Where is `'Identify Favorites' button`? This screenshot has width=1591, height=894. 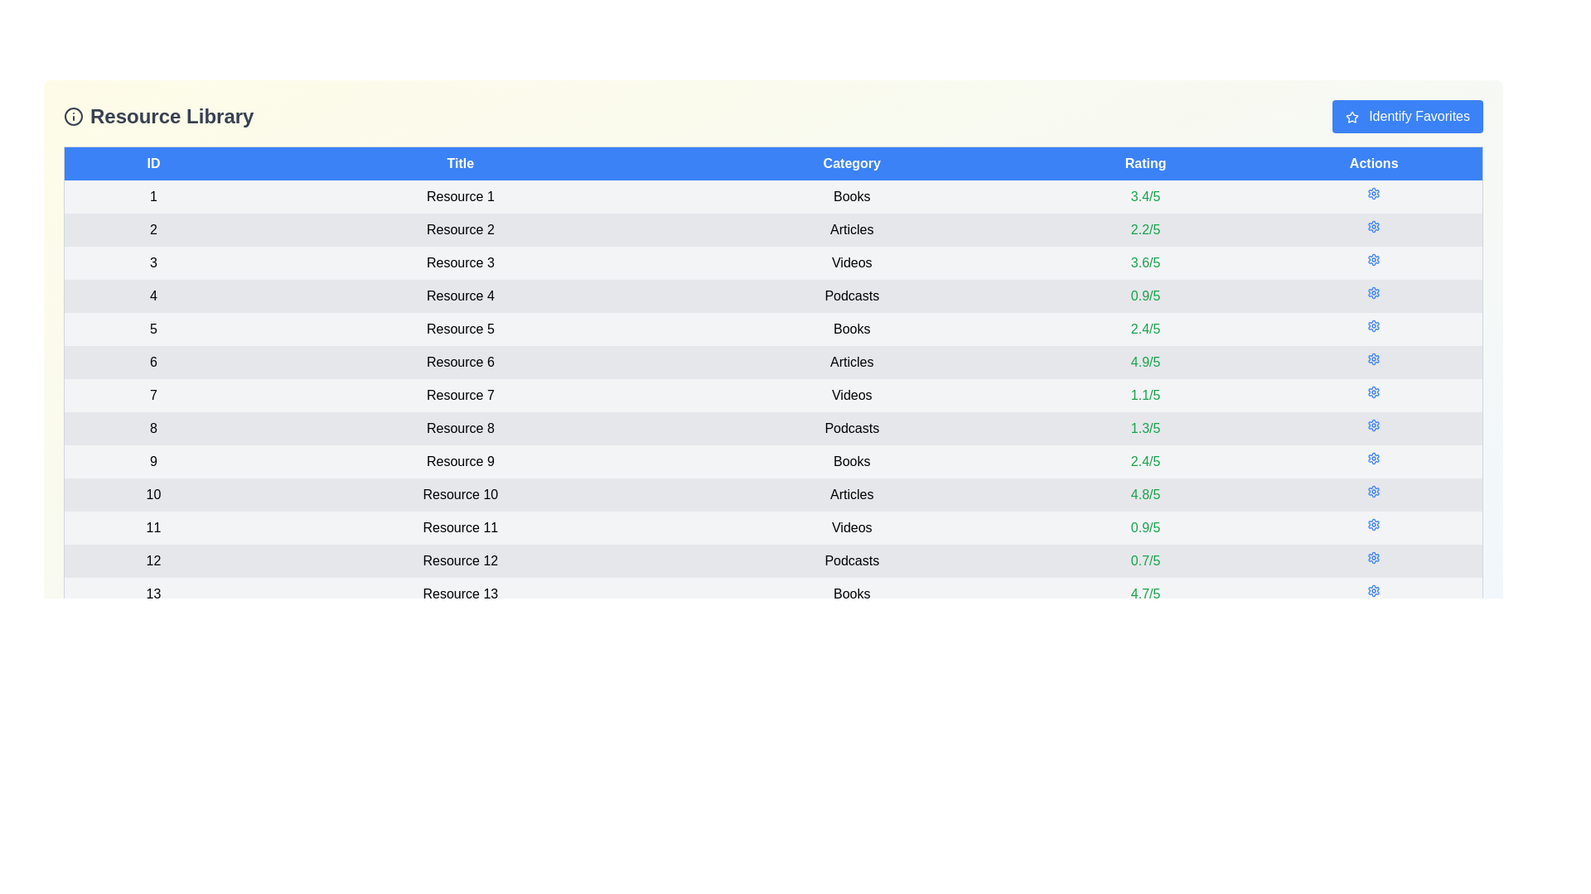 'Identify Favorites' button is located at coordinates (1406, 116).